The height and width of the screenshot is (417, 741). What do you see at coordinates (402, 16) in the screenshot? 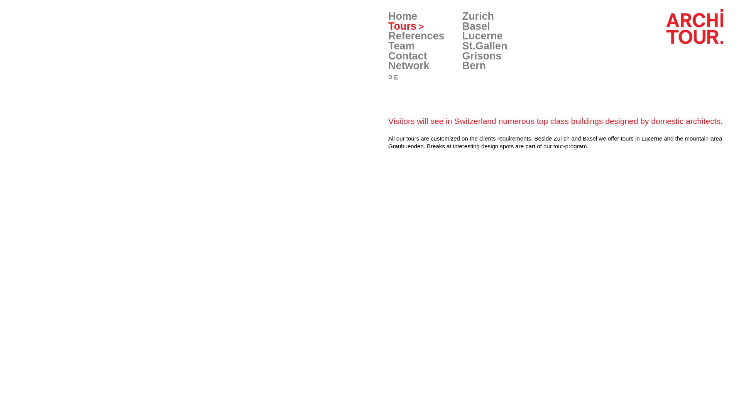
I see `'Home'` at bounding box center [402, 16].